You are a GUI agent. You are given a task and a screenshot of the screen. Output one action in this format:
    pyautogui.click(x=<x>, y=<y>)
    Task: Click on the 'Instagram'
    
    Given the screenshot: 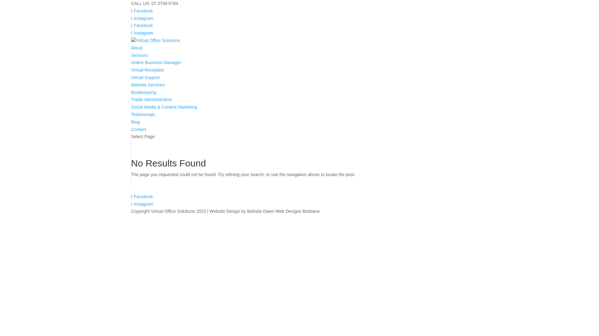 What is the action you would take?
    pyautogui.click(x=131, y=204)
    